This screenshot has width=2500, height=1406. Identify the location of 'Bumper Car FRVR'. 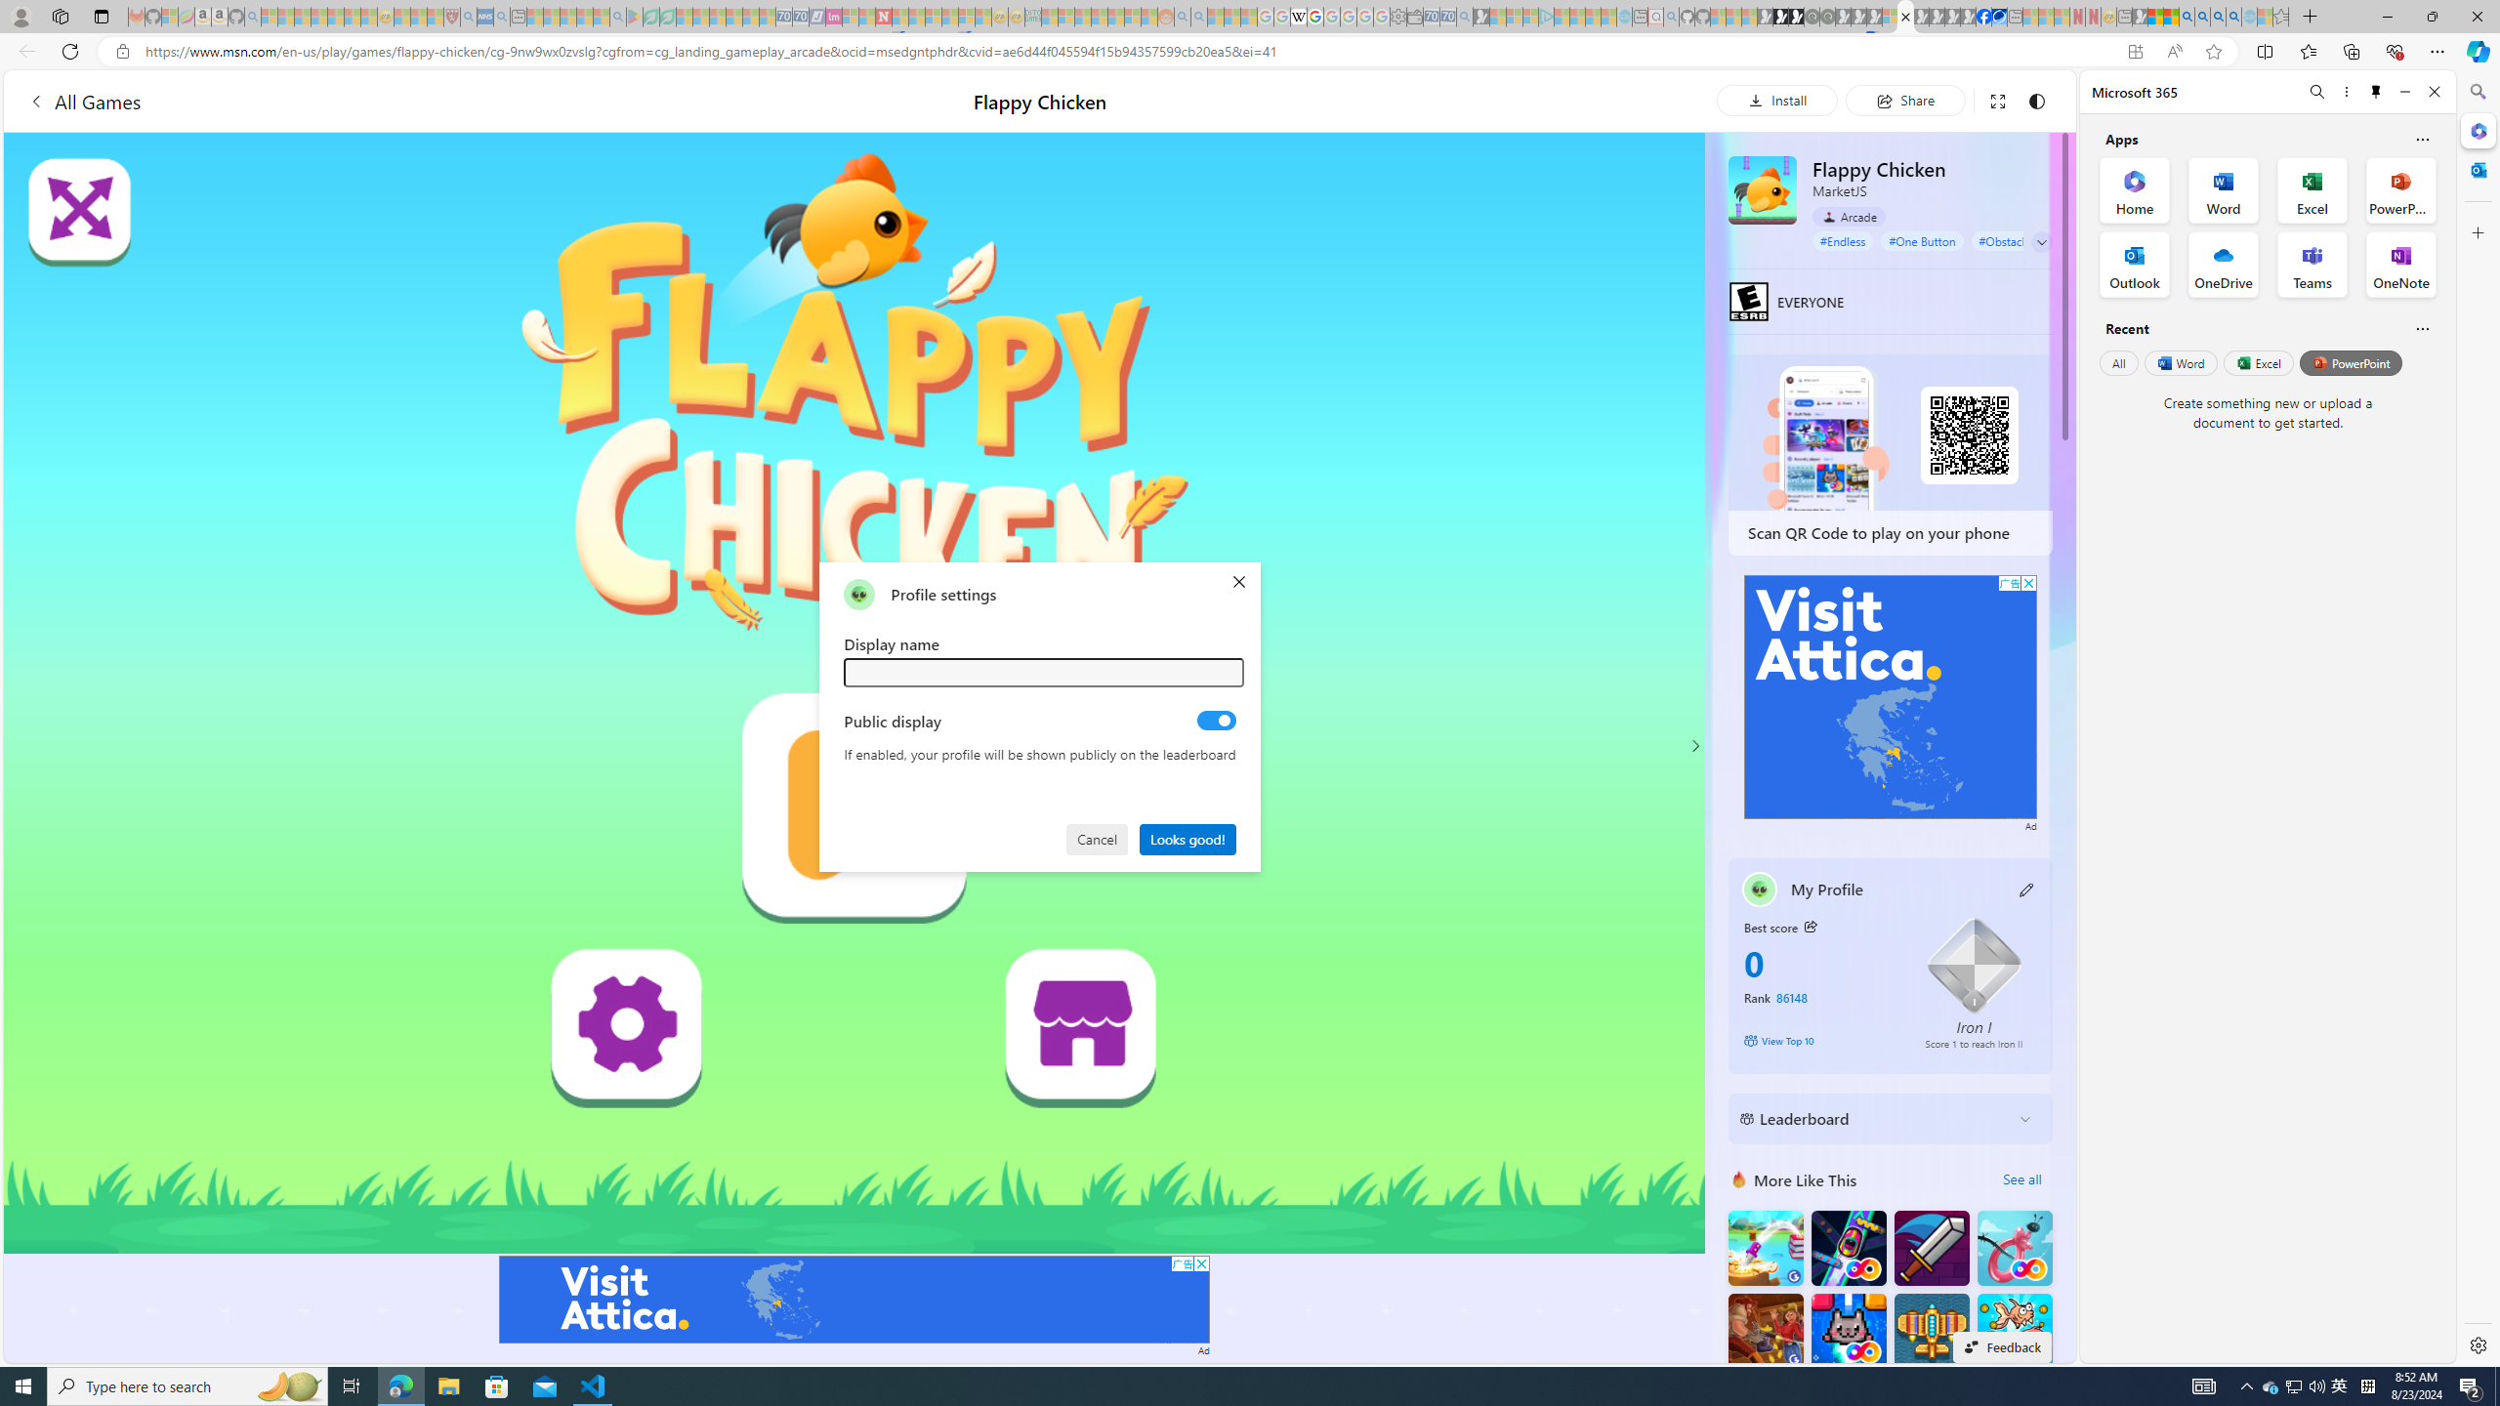
(1848, 1248).